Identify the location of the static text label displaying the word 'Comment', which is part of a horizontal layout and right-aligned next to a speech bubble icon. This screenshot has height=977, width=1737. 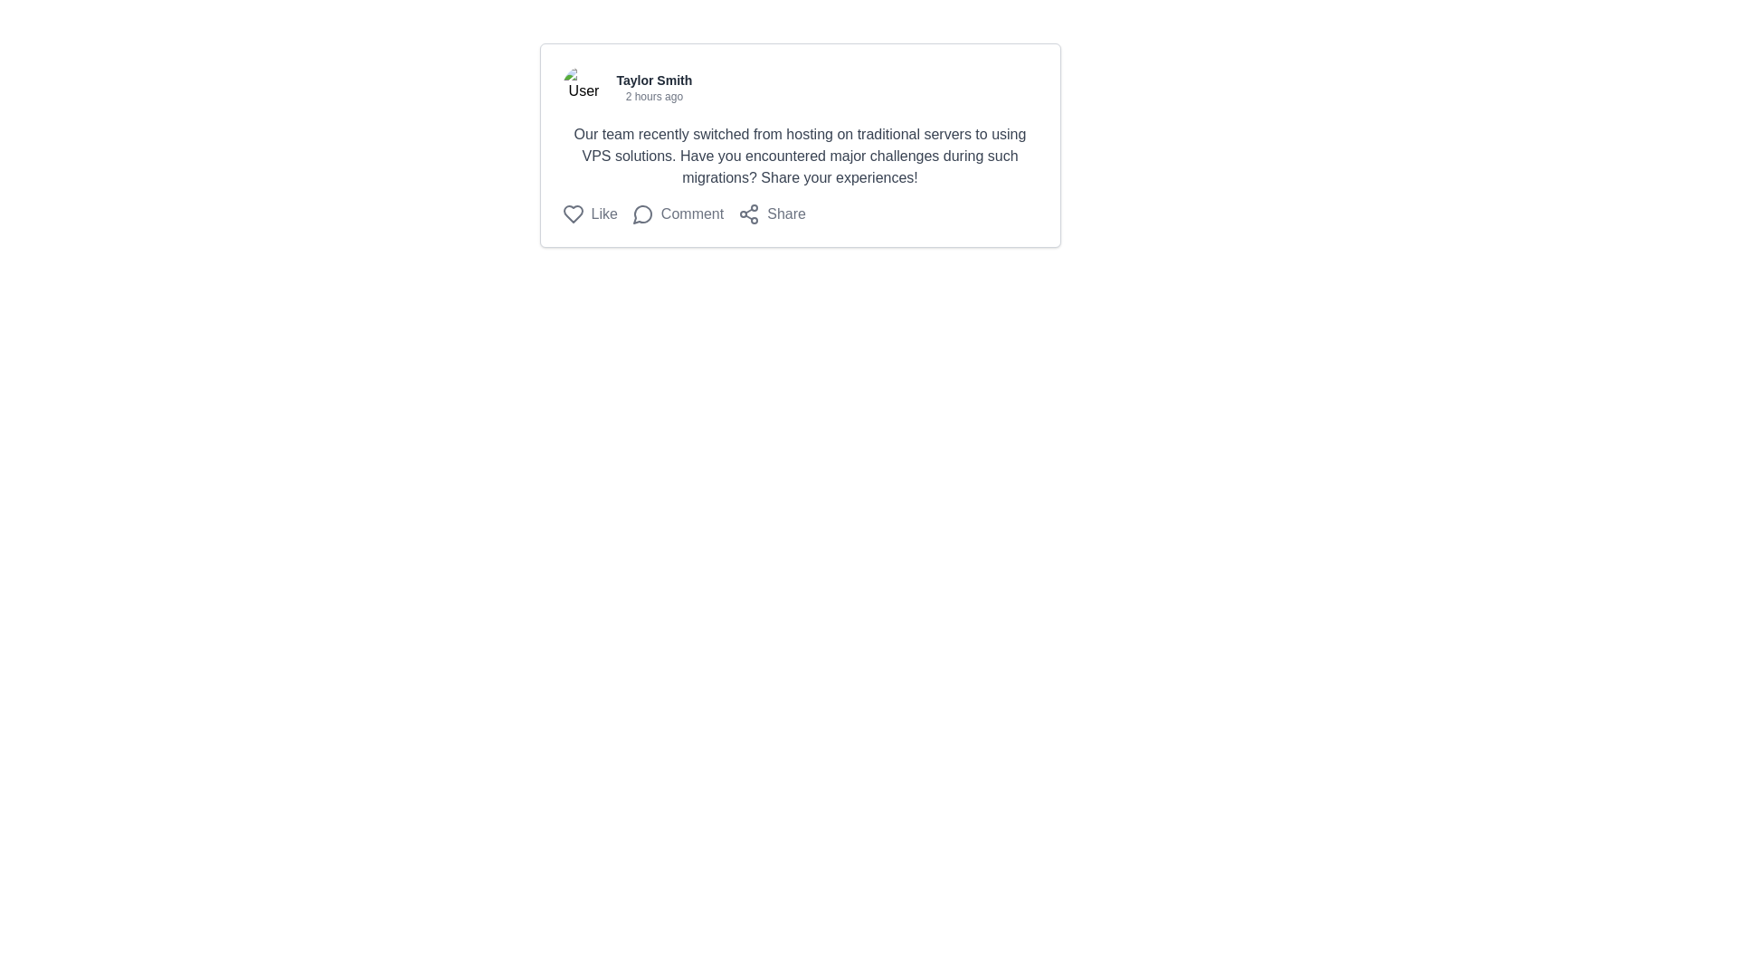
(691, 213).